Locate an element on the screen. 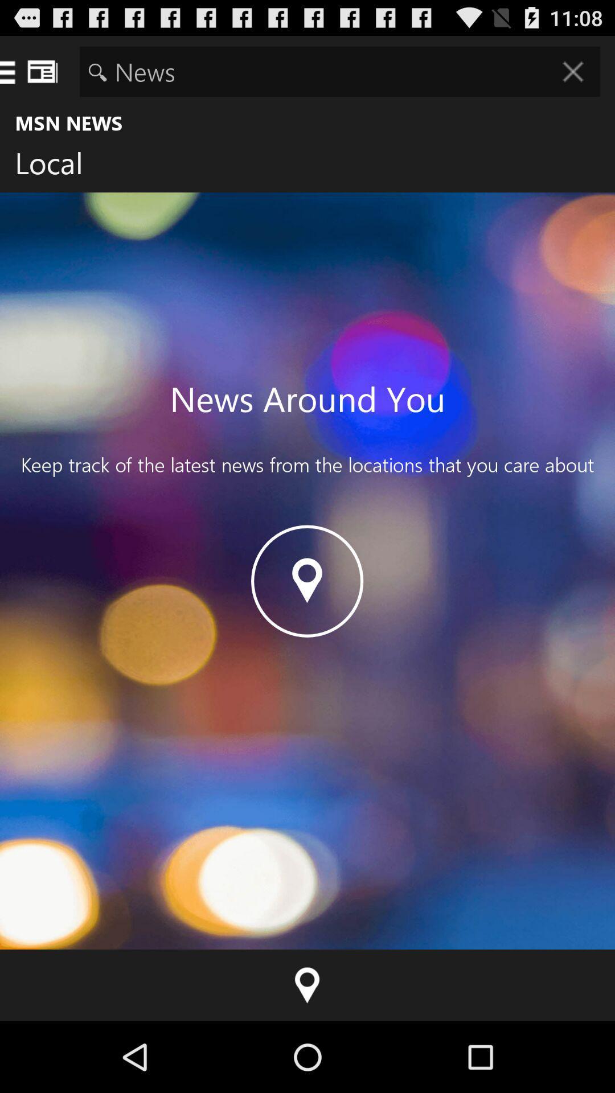 The height and width of the screenshot is (1093, 615). search text is located at coordinates (339, 71).